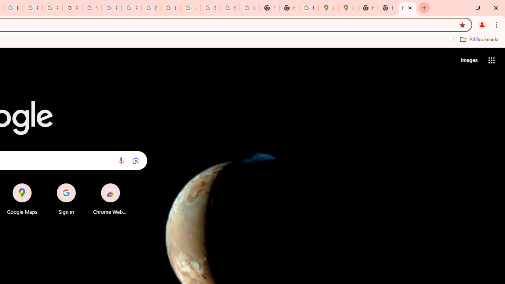 The height and width of the screenshot is (284, 505). What do you see at coordinates (424, 8) in the screenshot?
I see `'New Tab'` at bounding box center [424, 8].